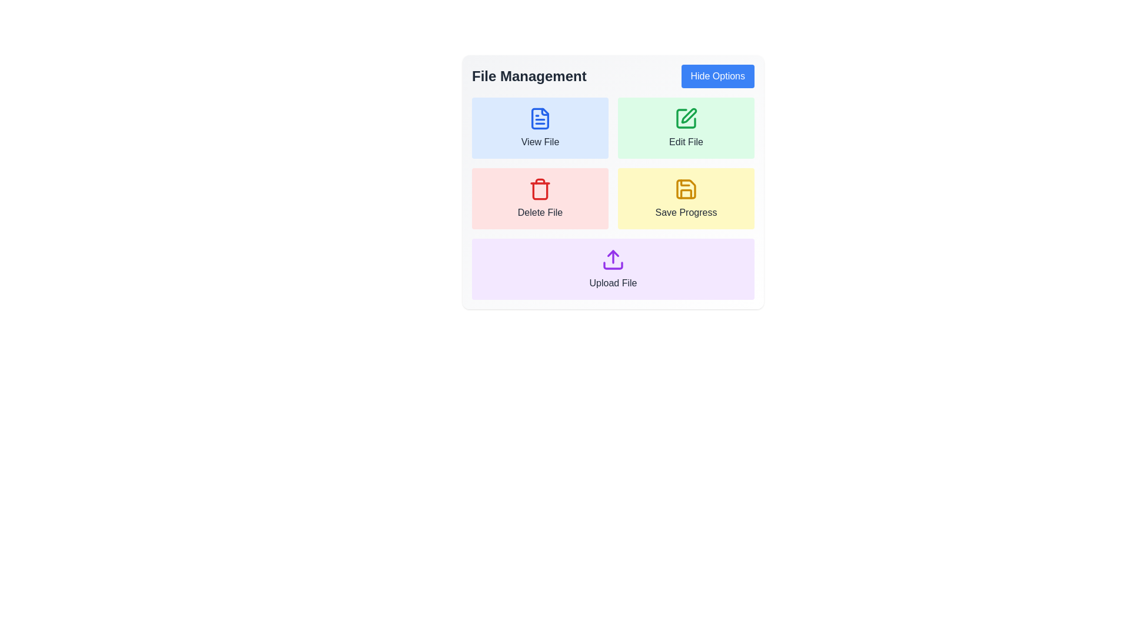  Describe the element at coordinates (686, 188) in the screenshot. I see `the 'Save Progress' button which contains the yellowish save icon resembling a floppy disk, located in the second row, second column of the 'File Management' section` at that location.